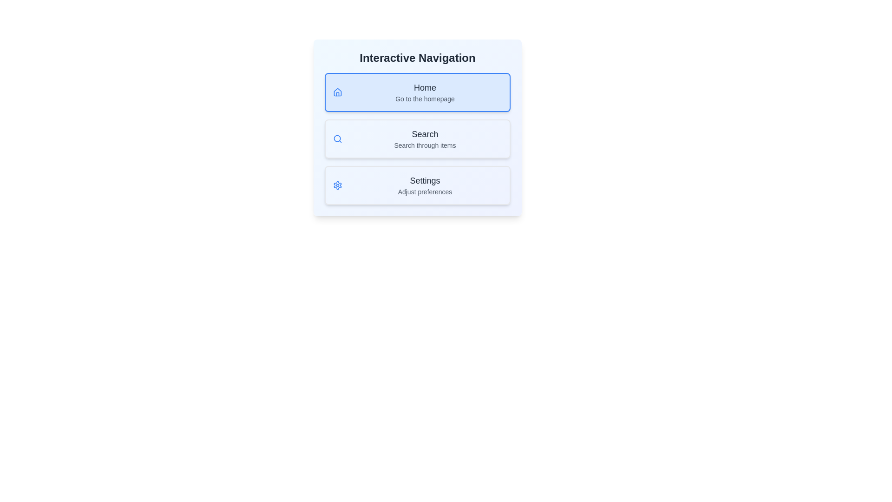  What do you see at coordinates (417, 139) in the screenshot?
I see `the menu item Search` at bounding box center [417, 139].